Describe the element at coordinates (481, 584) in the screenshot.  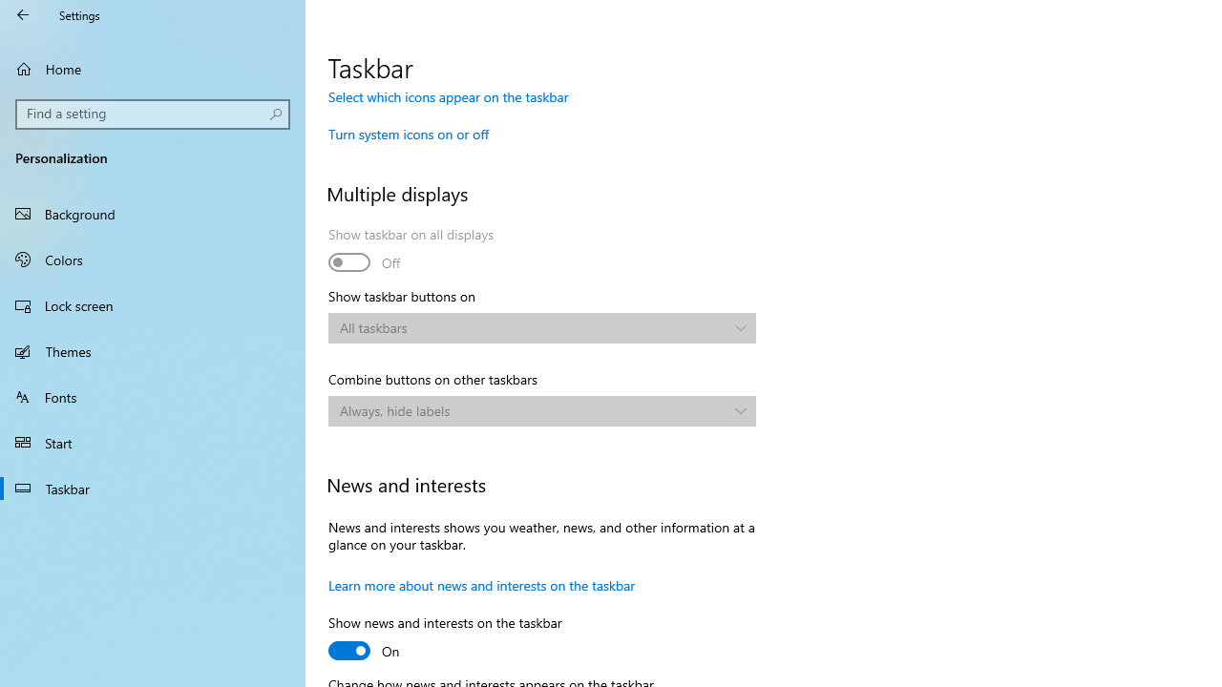
I see `'Learn more about news and interests on the taskbar'` at that location.